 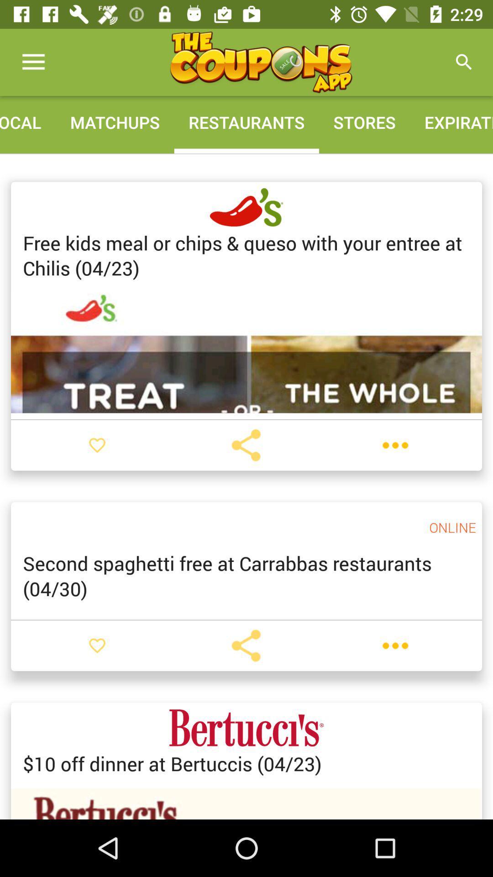 What do you see at coordinates (261, 62) in the screenshot?
I see `the icon above the matchups icon` at bounding box center [261, 62].